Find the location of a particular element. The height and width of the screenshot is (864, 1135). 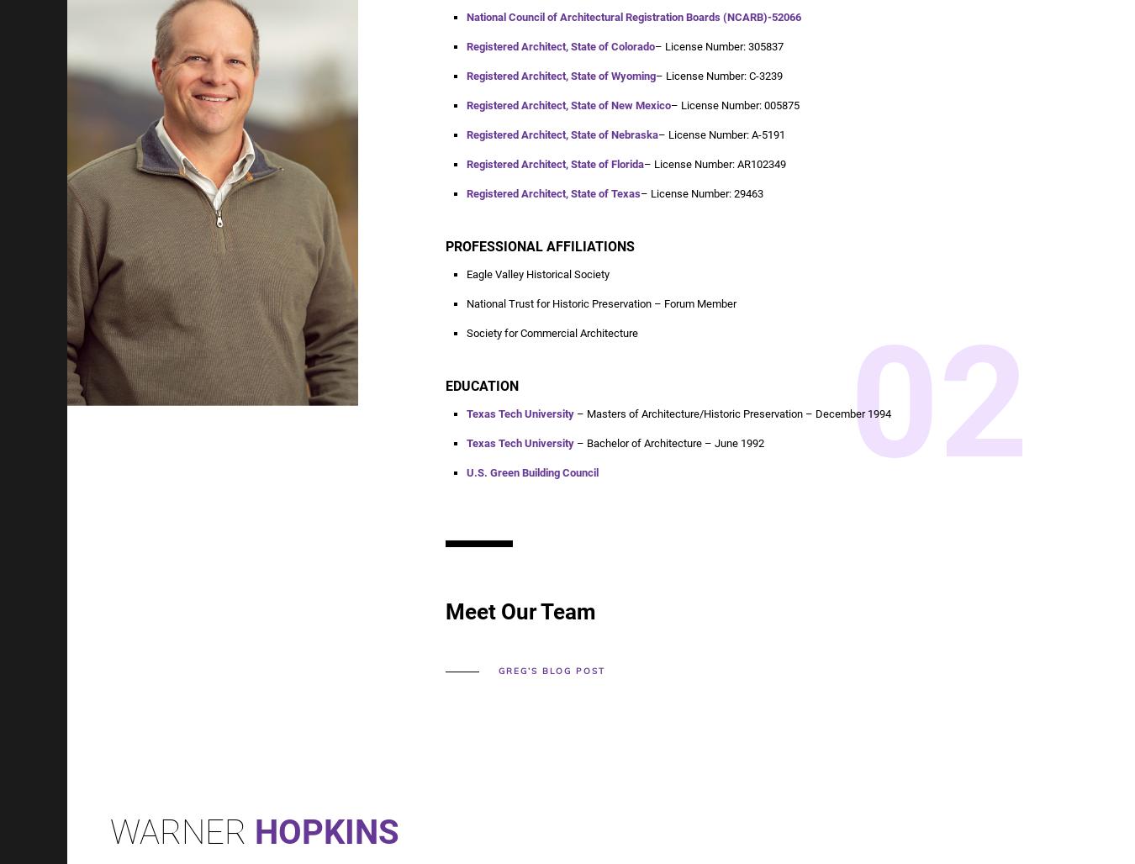

'Greg’s Blog Post' is located at coordinates (552, 671).